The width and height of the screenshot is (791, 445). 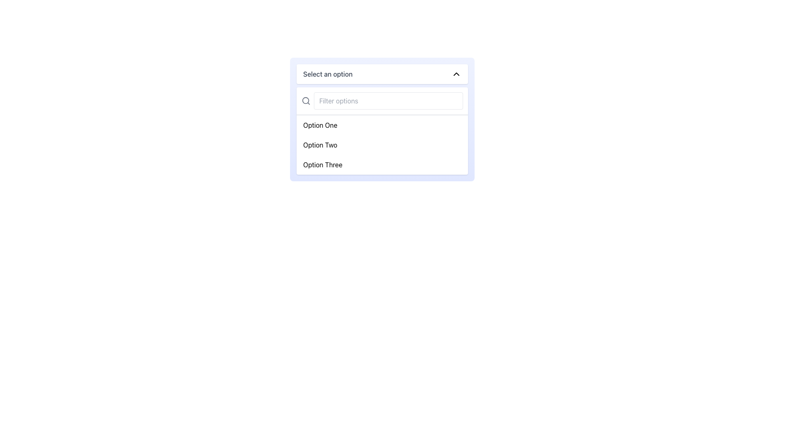 What do you see at coordinates (320, 144) in the screenshot?
I see `the static text label displaying 'Option Two' within the dropdown menu, which is located between 'Option One' and 'Option Three'` at bounding box center [320, 144].